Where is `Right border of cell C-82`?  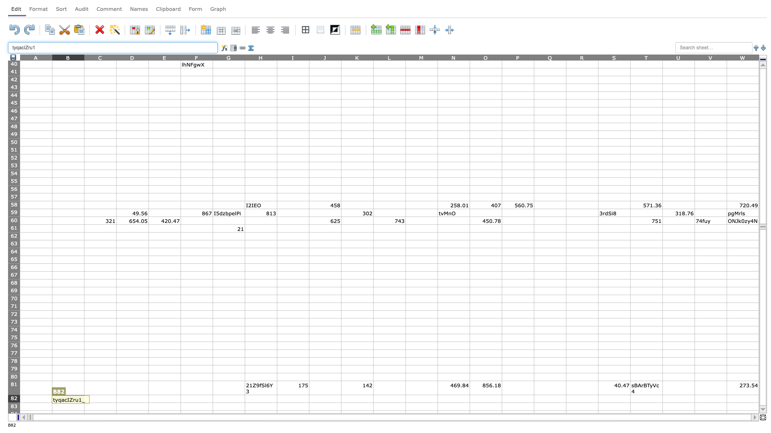 Right border of cell C-82 is located at coordinates (116, 399).